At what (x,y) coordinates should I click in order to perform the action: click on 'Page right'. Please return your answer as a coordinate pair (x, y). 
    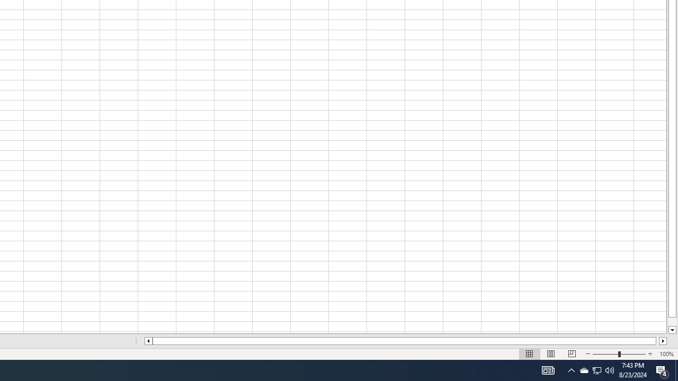
    Looking at the image, I should click on (657, 341).